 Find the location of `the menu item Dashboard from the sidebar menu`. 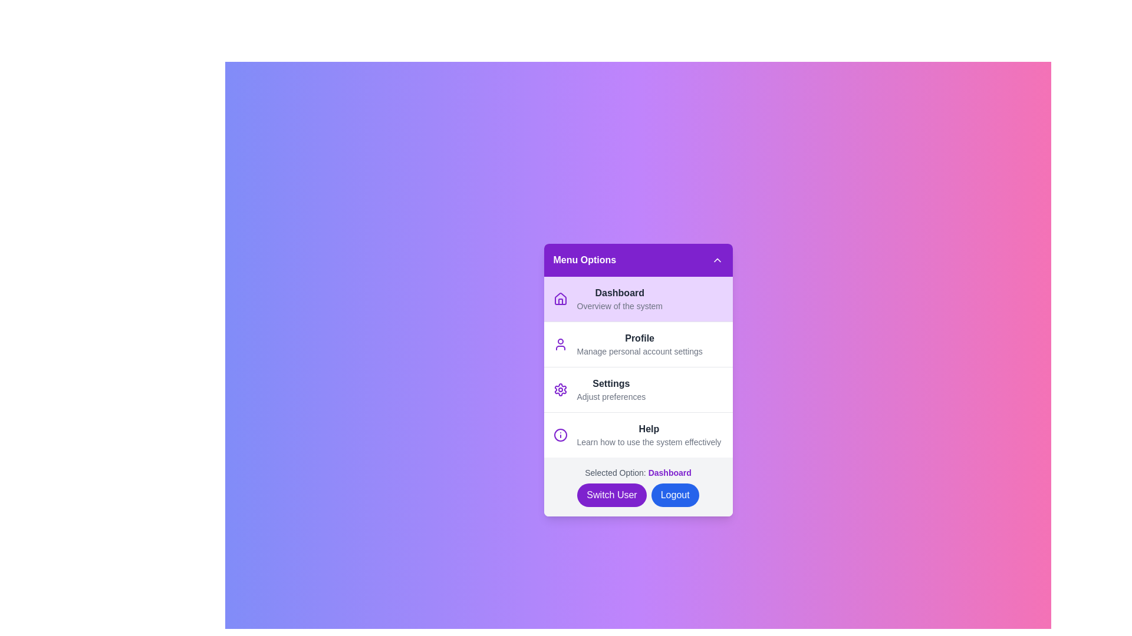

the menu item Dashboard from the sidebar menu is located at coordinates (637, 298).